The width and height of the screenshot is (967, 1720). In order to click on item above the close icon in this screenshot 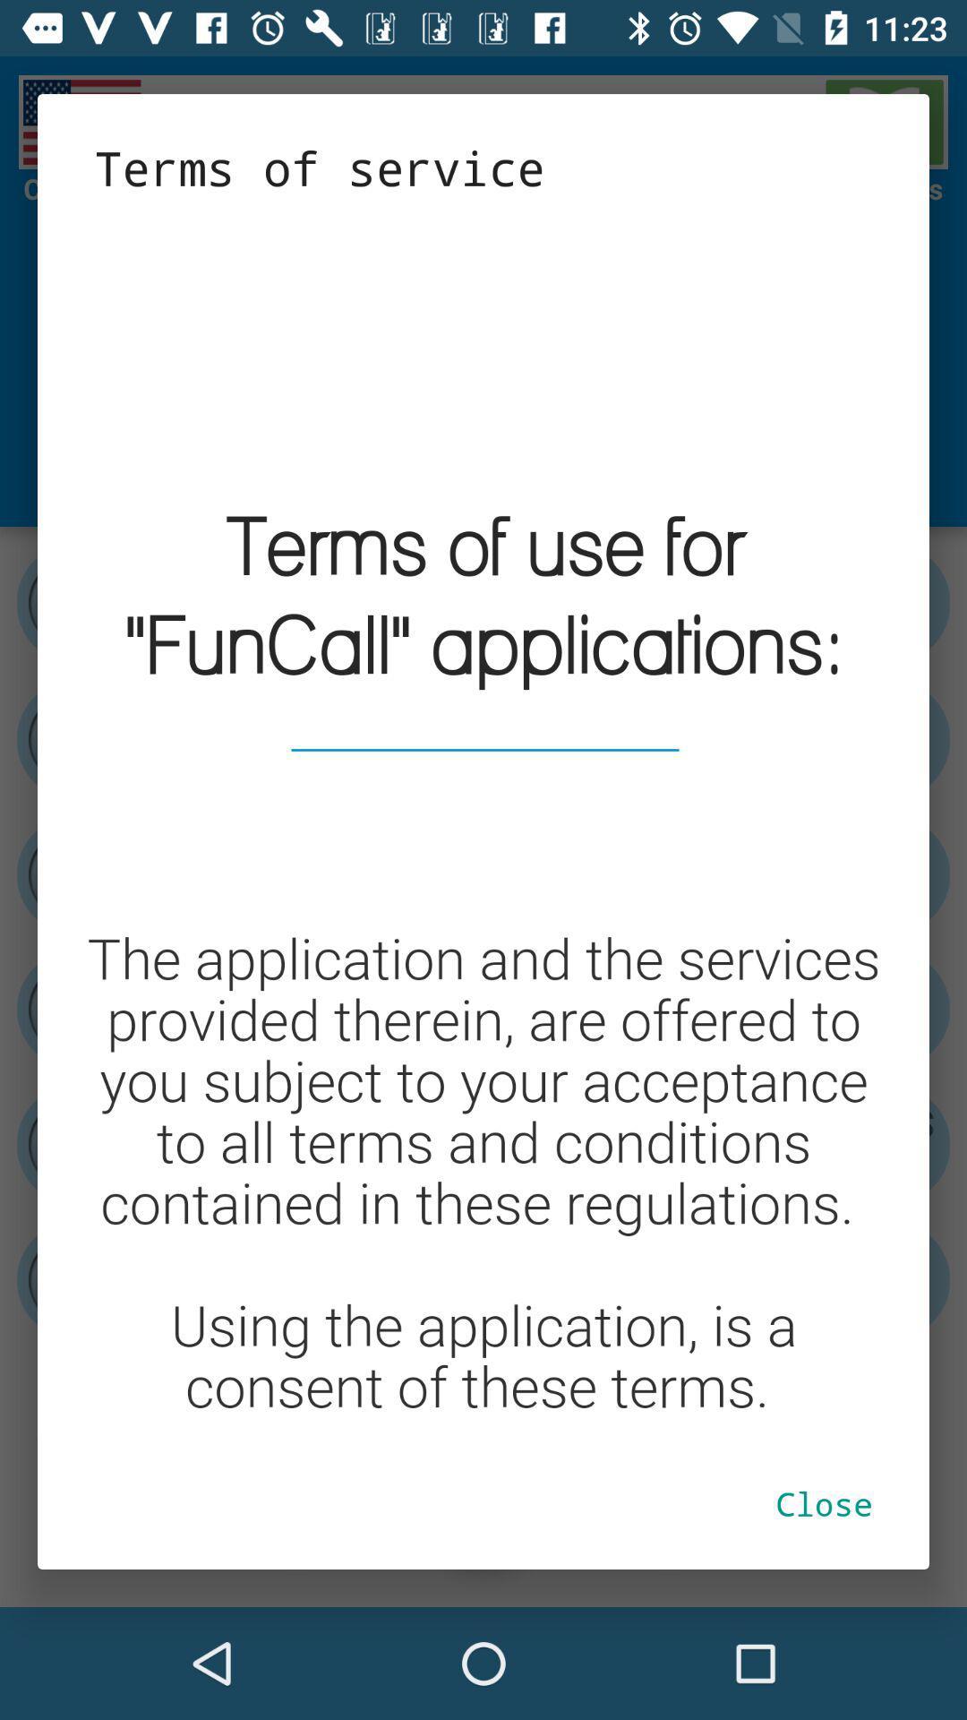, I will do `click(483, 817)`.